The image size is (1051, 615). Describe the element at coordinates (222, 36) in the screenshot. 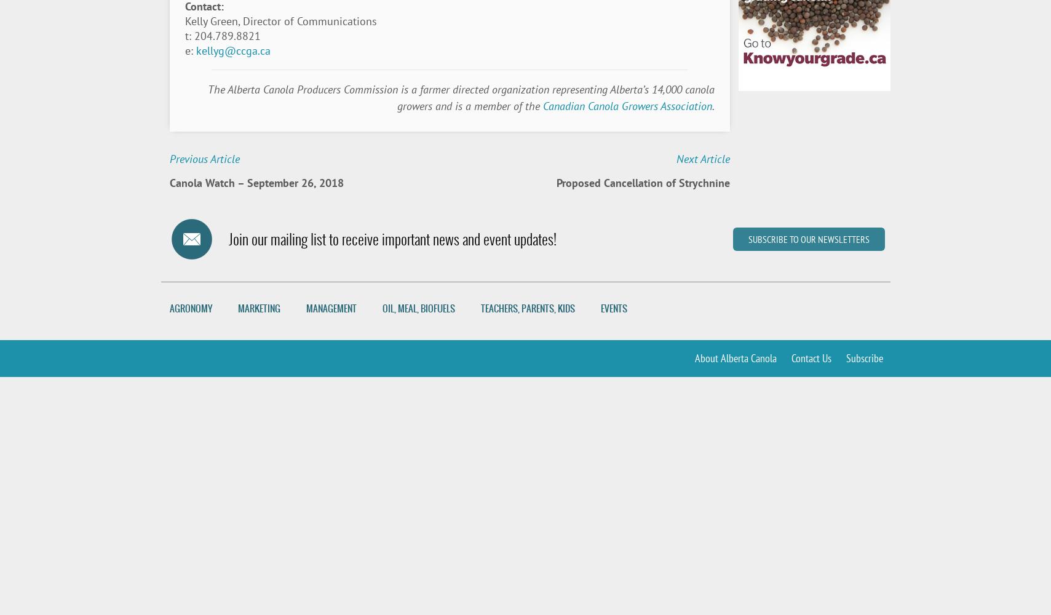

I see `'t: 204.789.8821'` at that location.